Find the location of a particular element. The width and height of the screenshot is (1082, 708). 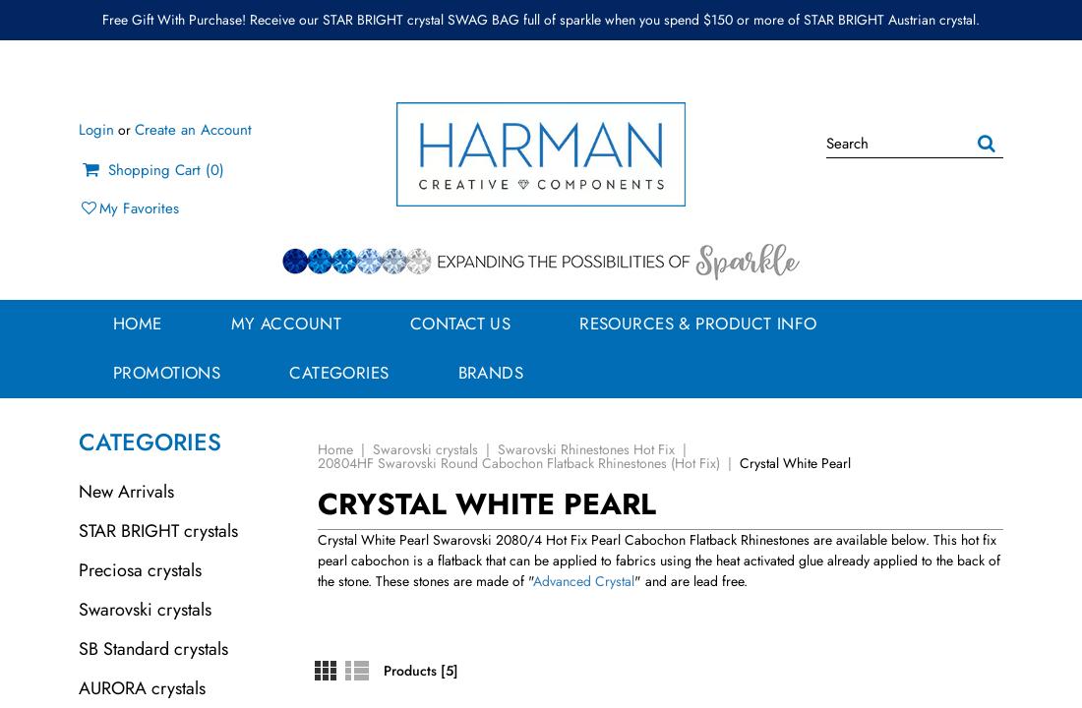

'Login' is located at coordinates (96, 129).